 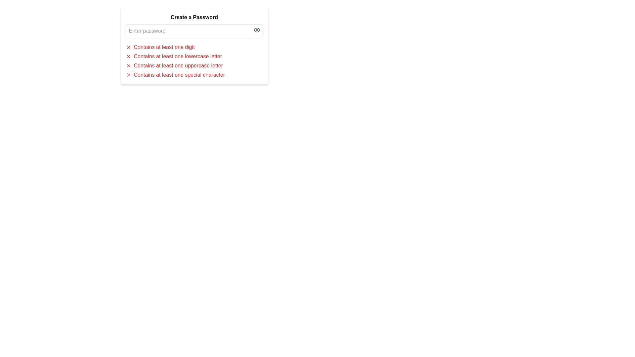 What do you see at coordinates (256, 30) in the screenshot?
I see `the password visibility toggle icon button located in the top-right corner of the password entry field to provide interaction feedback` at bounding box center [256, 30].